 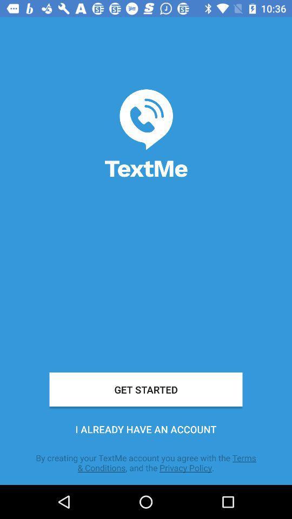 What do you see at coordinates (146, 462) in the screenshot?
I see `by creating your item` at bounding box center [146, 462].